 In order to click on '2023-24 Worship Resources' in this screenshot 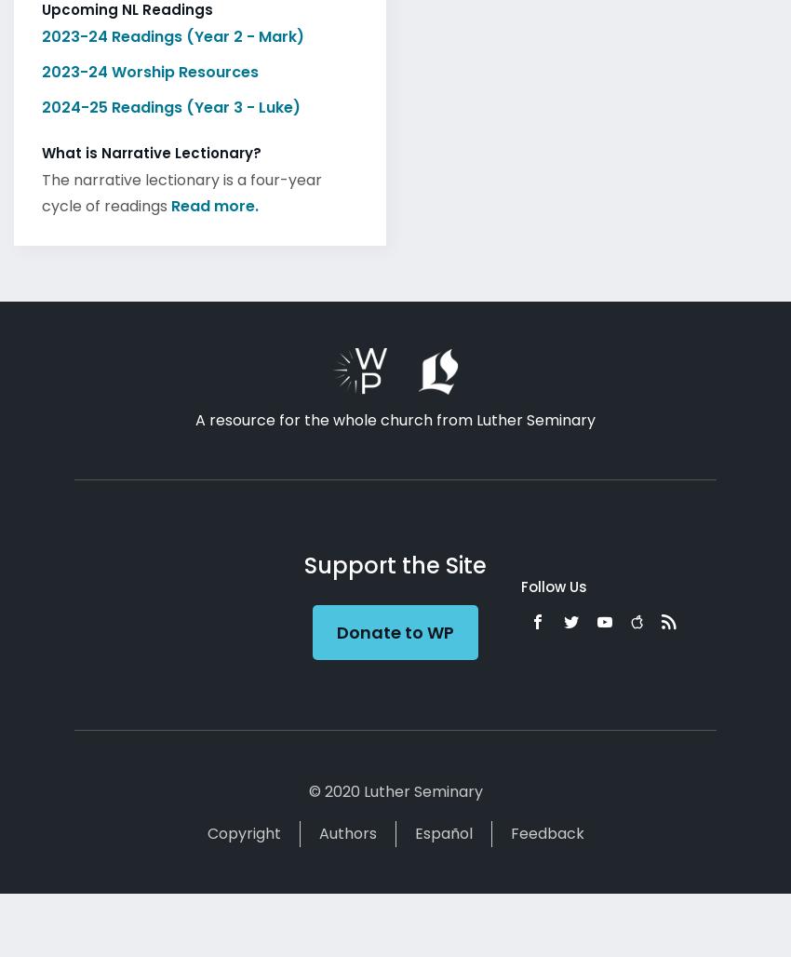, I will do `click(150, 65)`.